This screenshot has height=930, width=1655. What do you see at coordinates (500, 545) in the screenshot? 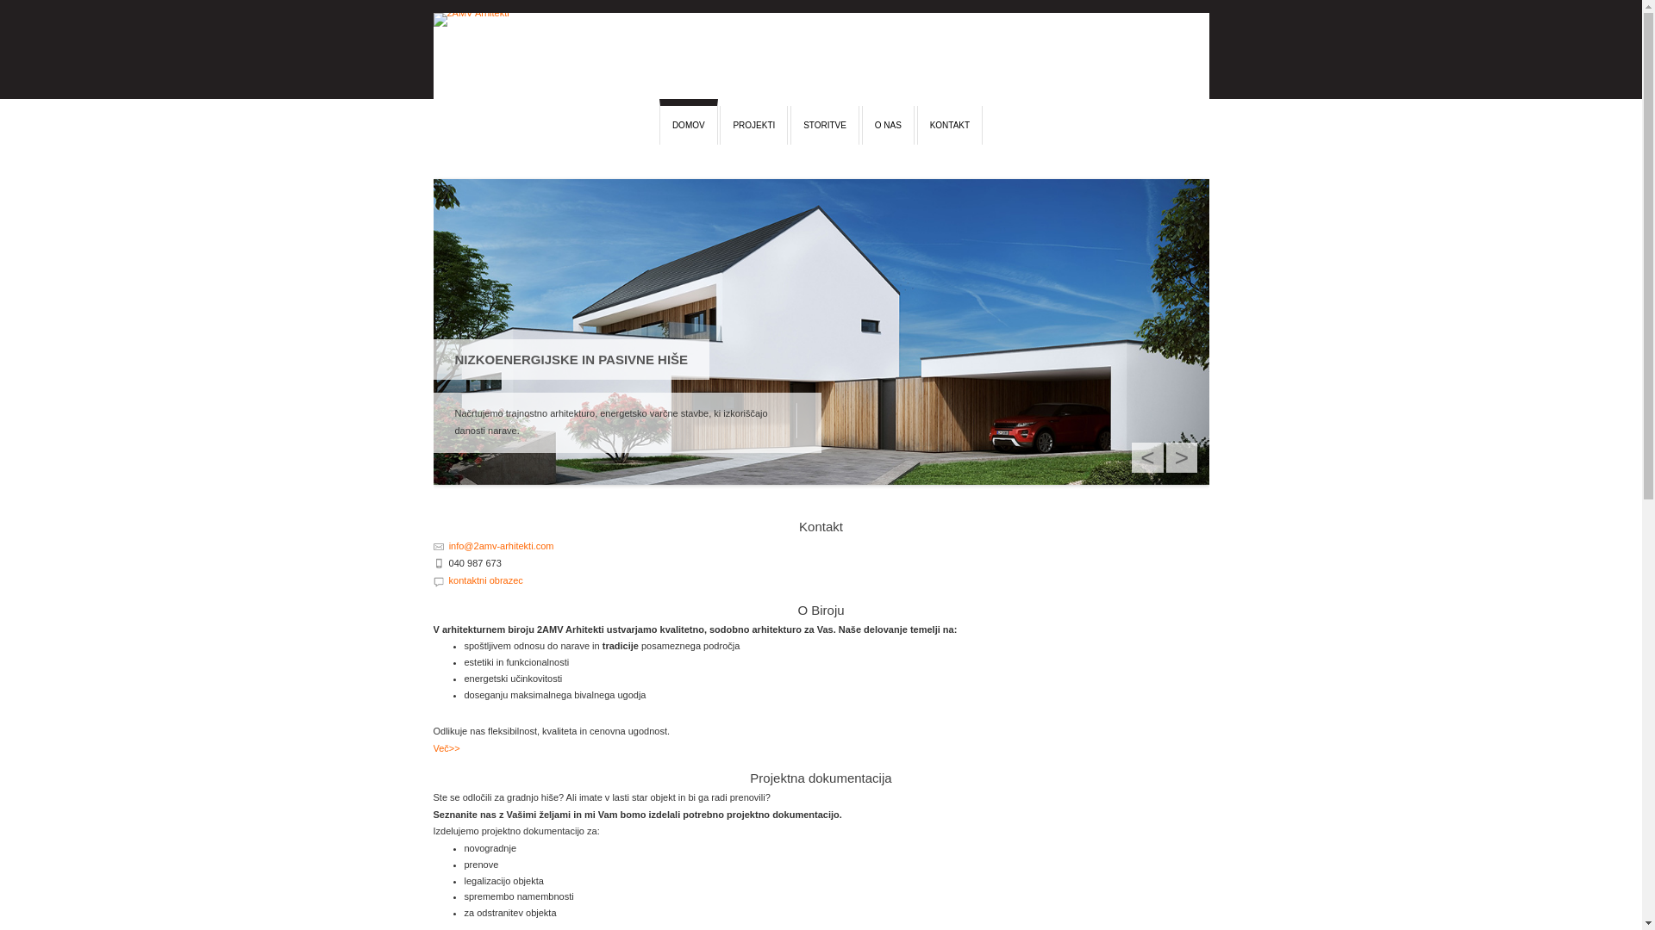
I see `'info@2amv-arhitekti.com'` at bounding box center [500, 545].